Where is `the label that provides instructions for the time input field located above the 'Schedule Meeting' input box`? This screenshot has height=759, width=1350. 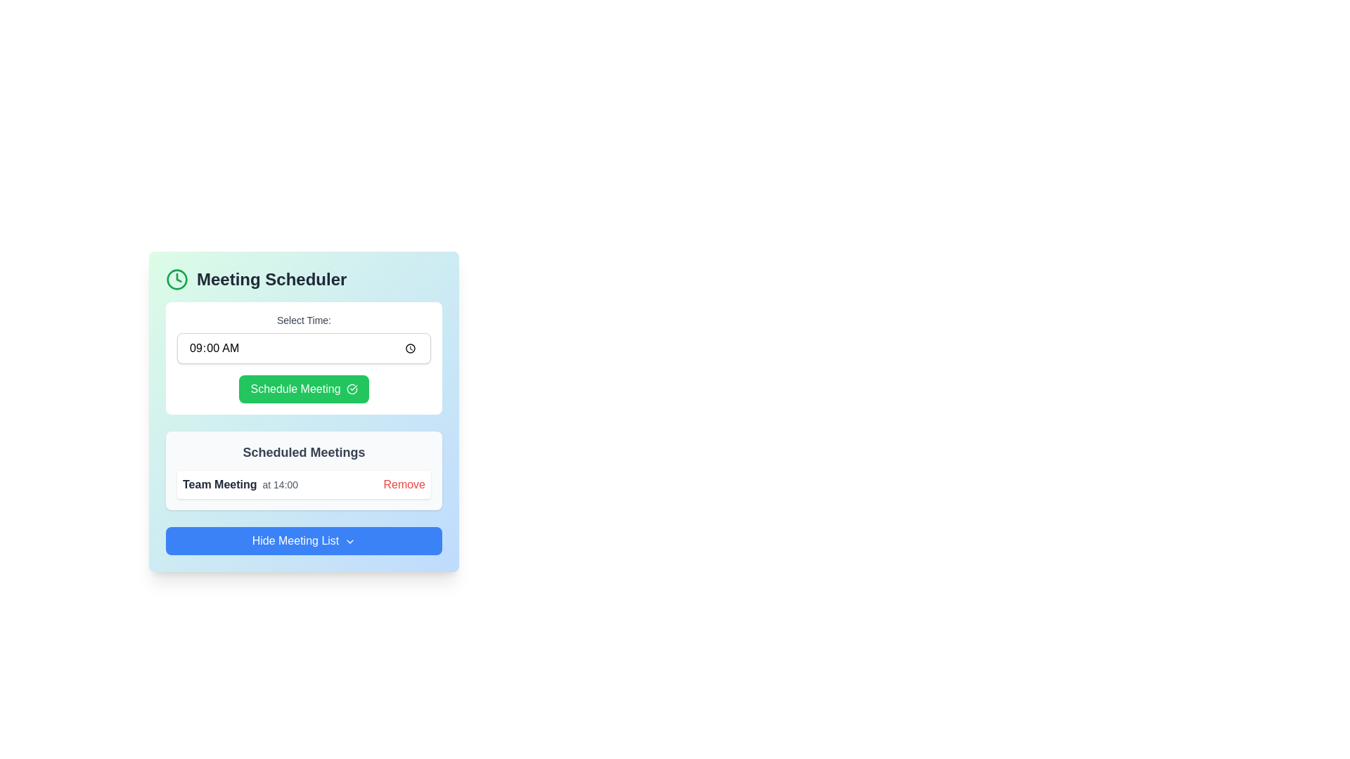
the label that provides instructions for the time input field located above the 'Schedule Meeting' input box is located at coordinates (303, 320).